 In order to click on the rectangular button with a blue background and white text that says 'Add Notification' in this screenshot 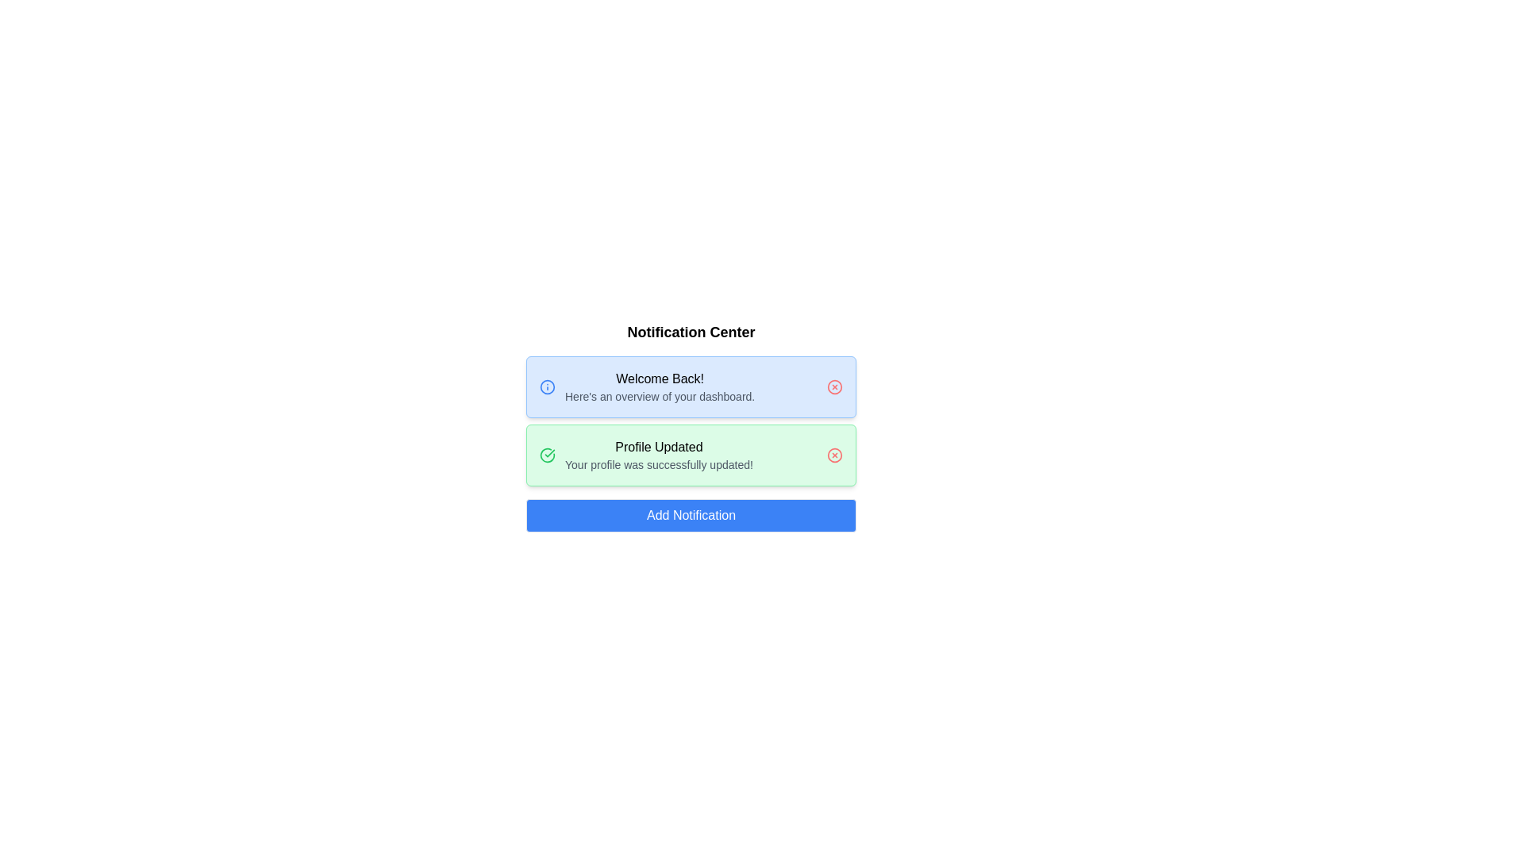, I will do `click(691, 516)`.